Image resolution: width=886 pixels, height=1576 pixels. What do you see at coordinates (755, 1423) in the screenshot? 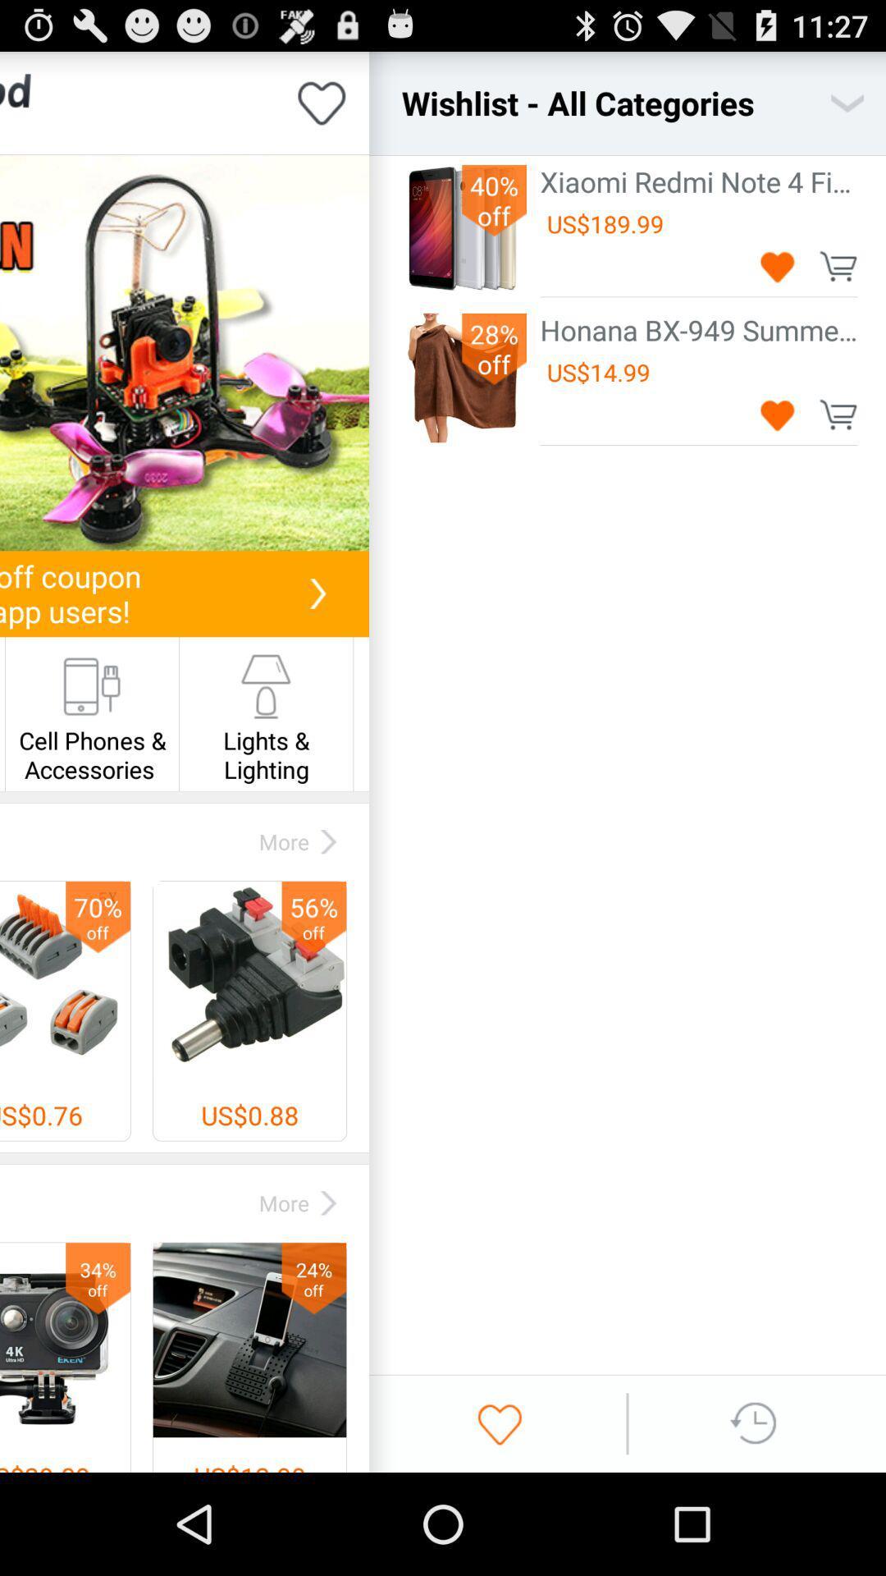
I see `history` at bounding box center [755, 1423].